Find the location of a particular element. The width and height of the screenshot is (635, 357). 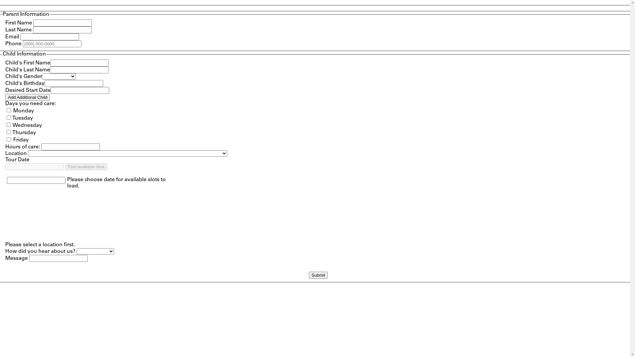

'Find available time' is located at coordinates (86, 166).